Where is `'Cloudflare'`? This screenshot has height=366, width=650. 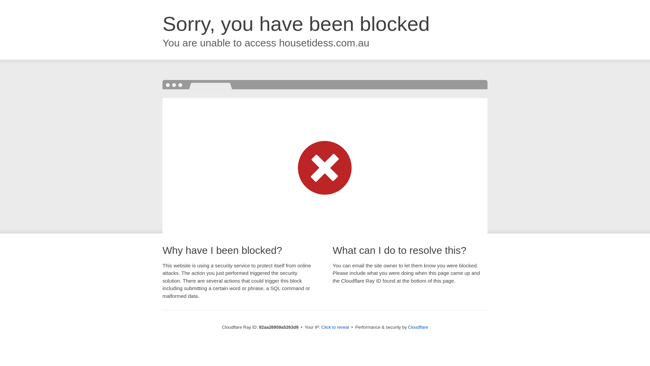
'Cloudflare' is located at coordinates (417, 327).